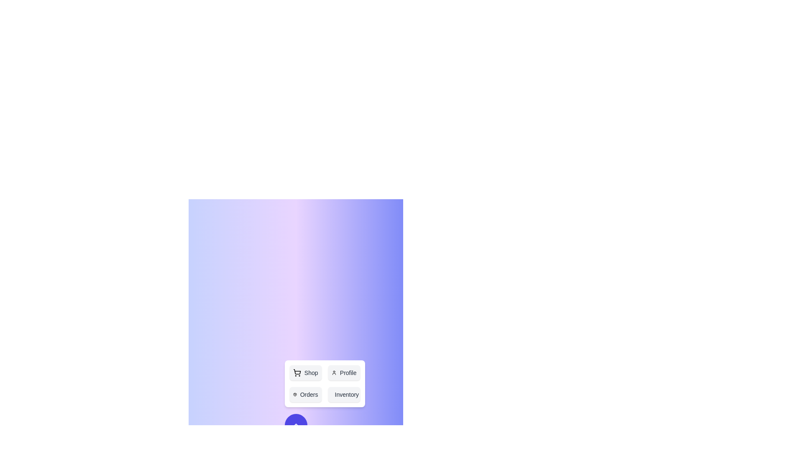 The width and height of the screenshot is (803, 452). I want to click on the 'Inventory' button, so click(344, 394).